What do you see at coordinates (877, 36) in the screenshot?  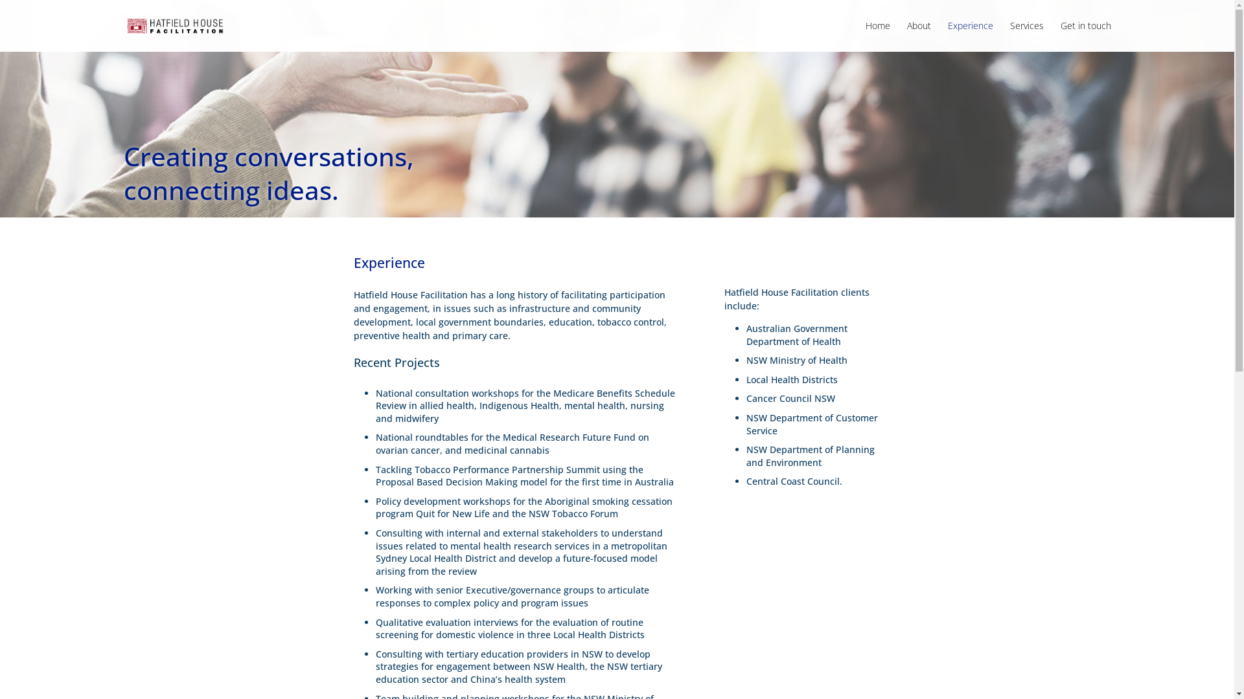 I see `'Home'` at bounding box center [877, 36].